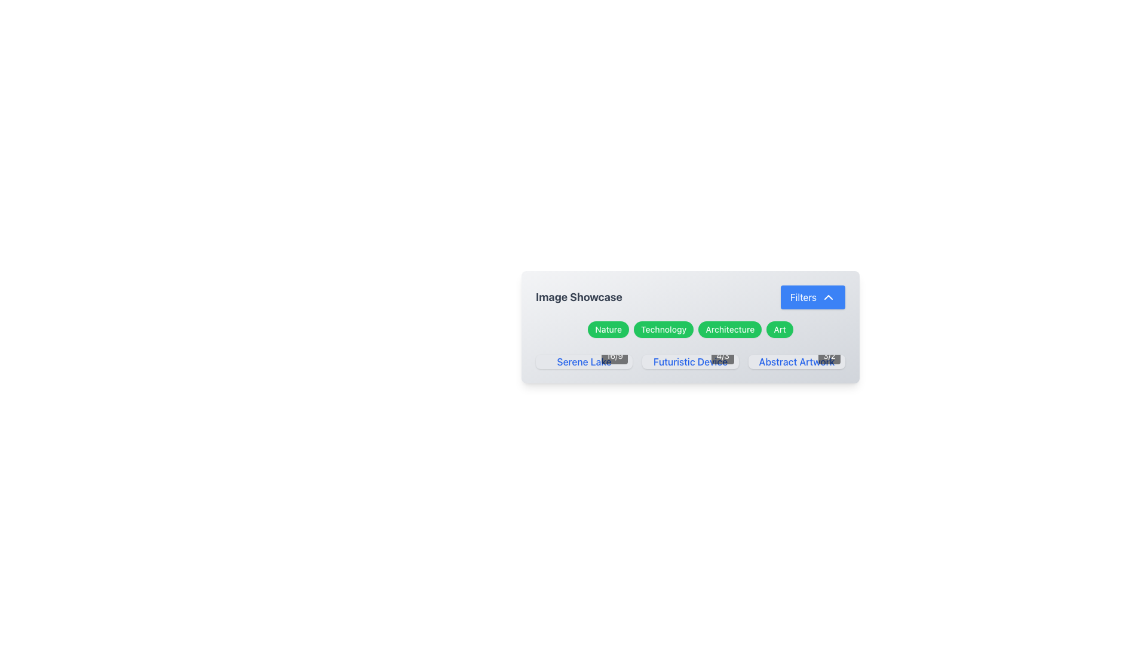 The width and height of the screenshot is (1147, 645). What do you see at coordinates (691, 329) in the screenshot?
I see `the Button Group containing category tags styled as buttons with green backgrounds and white text, located within the 'Image Showcase' section` at bounding box center [691, 329].